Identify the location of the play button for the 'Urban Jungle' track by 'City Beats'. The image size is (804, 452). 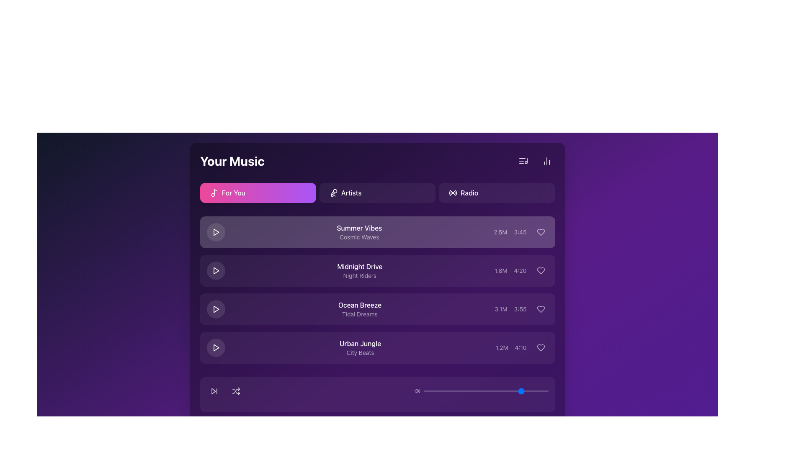
(216, 347).